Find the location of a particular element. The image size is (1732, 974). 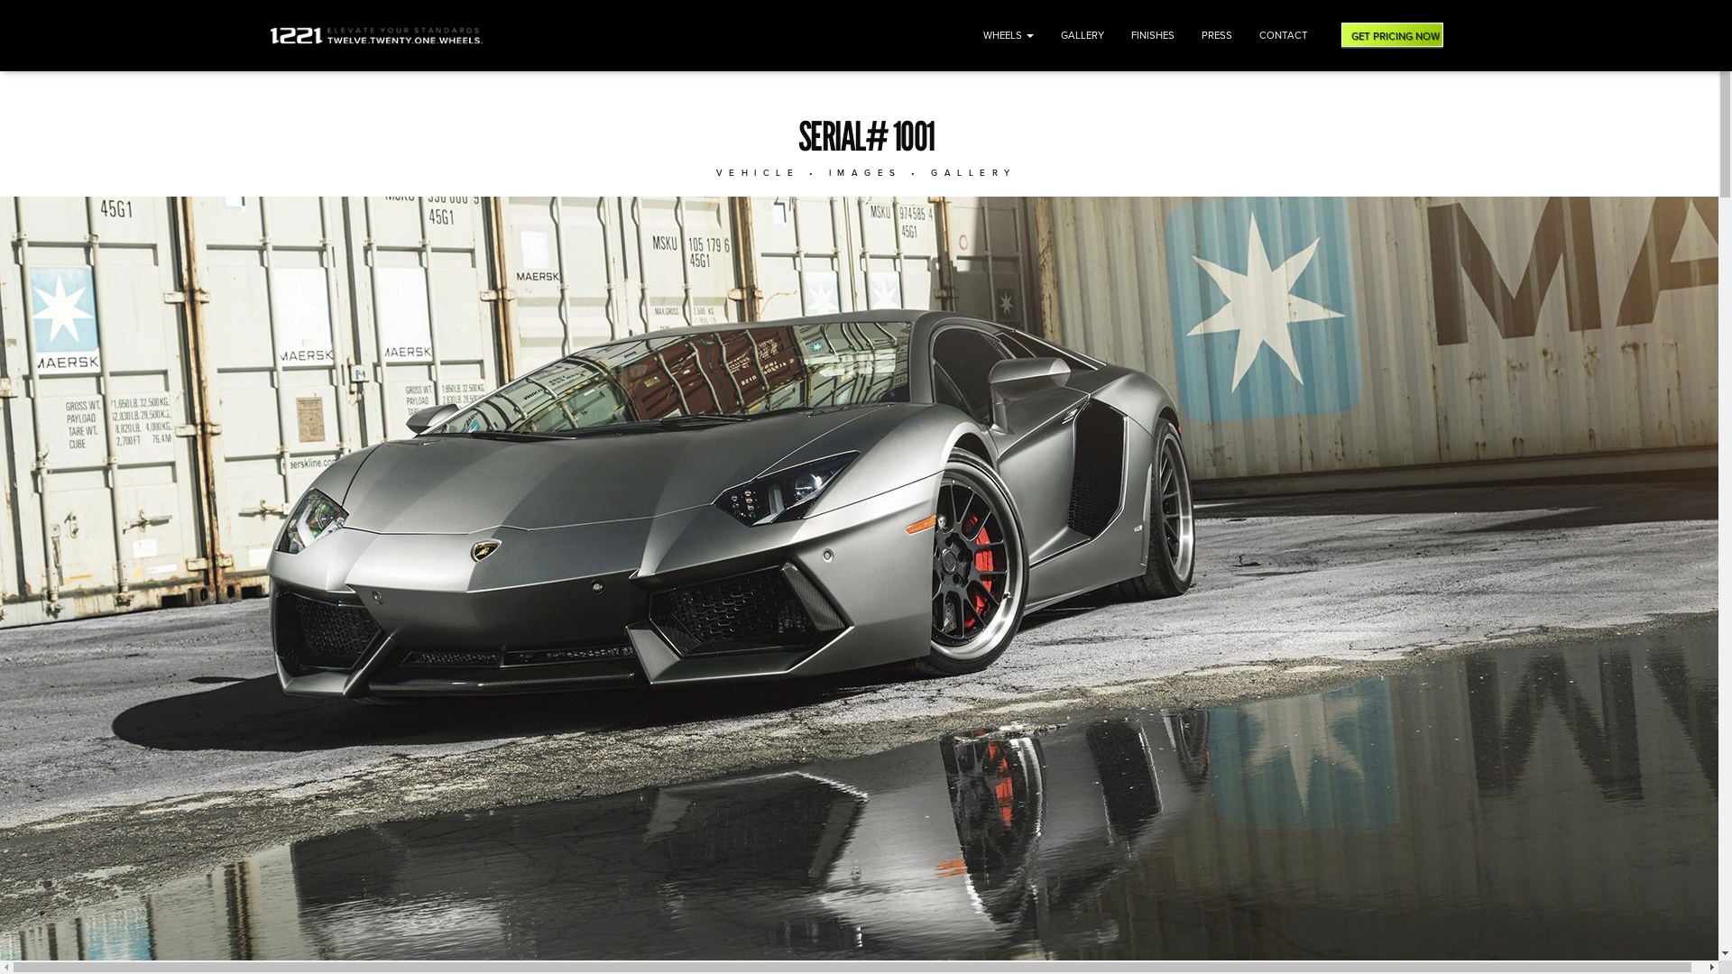

'1221 Wheels' is located at coordinates (375, 35).